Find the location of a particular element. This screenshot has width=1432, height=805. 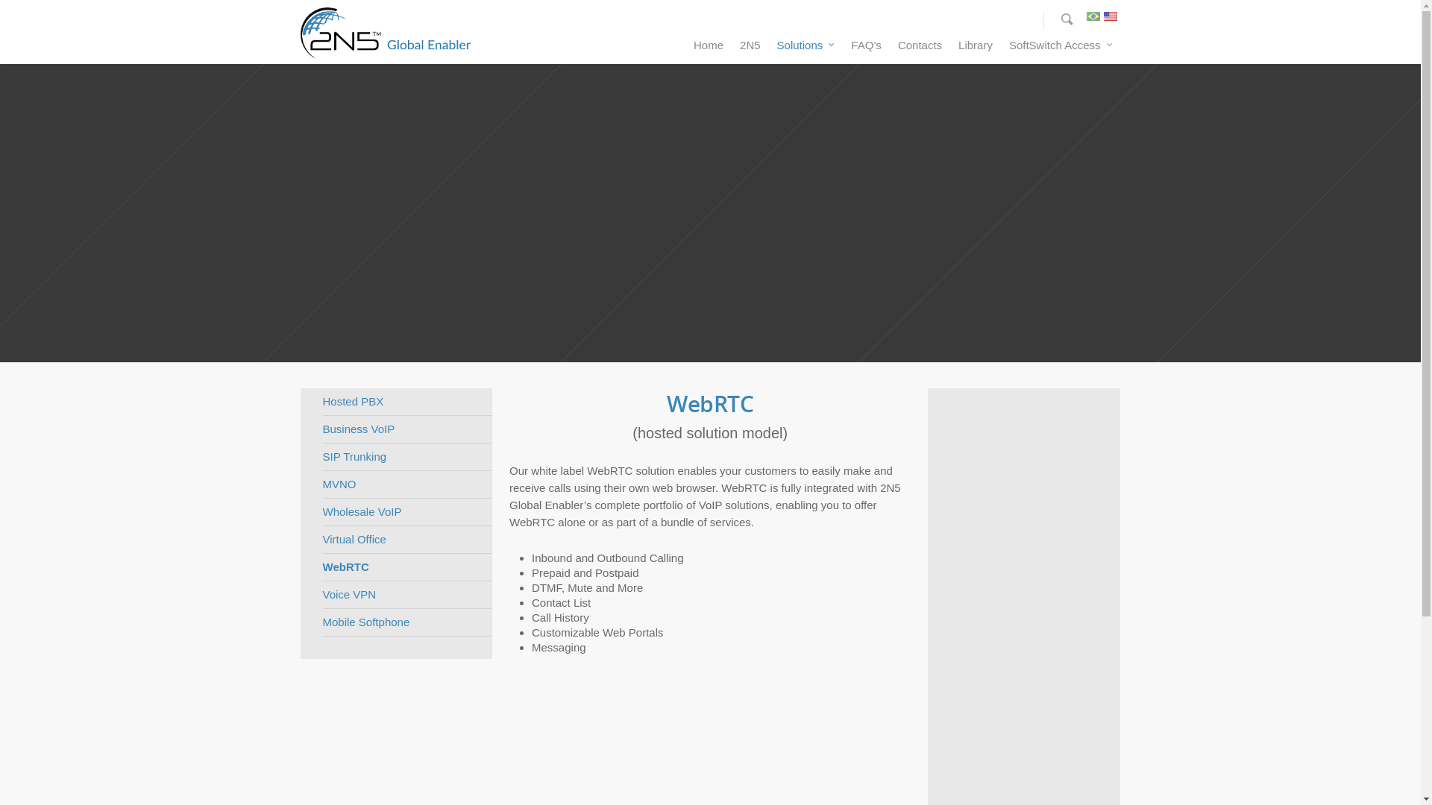

'Mobile Softphone' is located at coordinates (406, 622).